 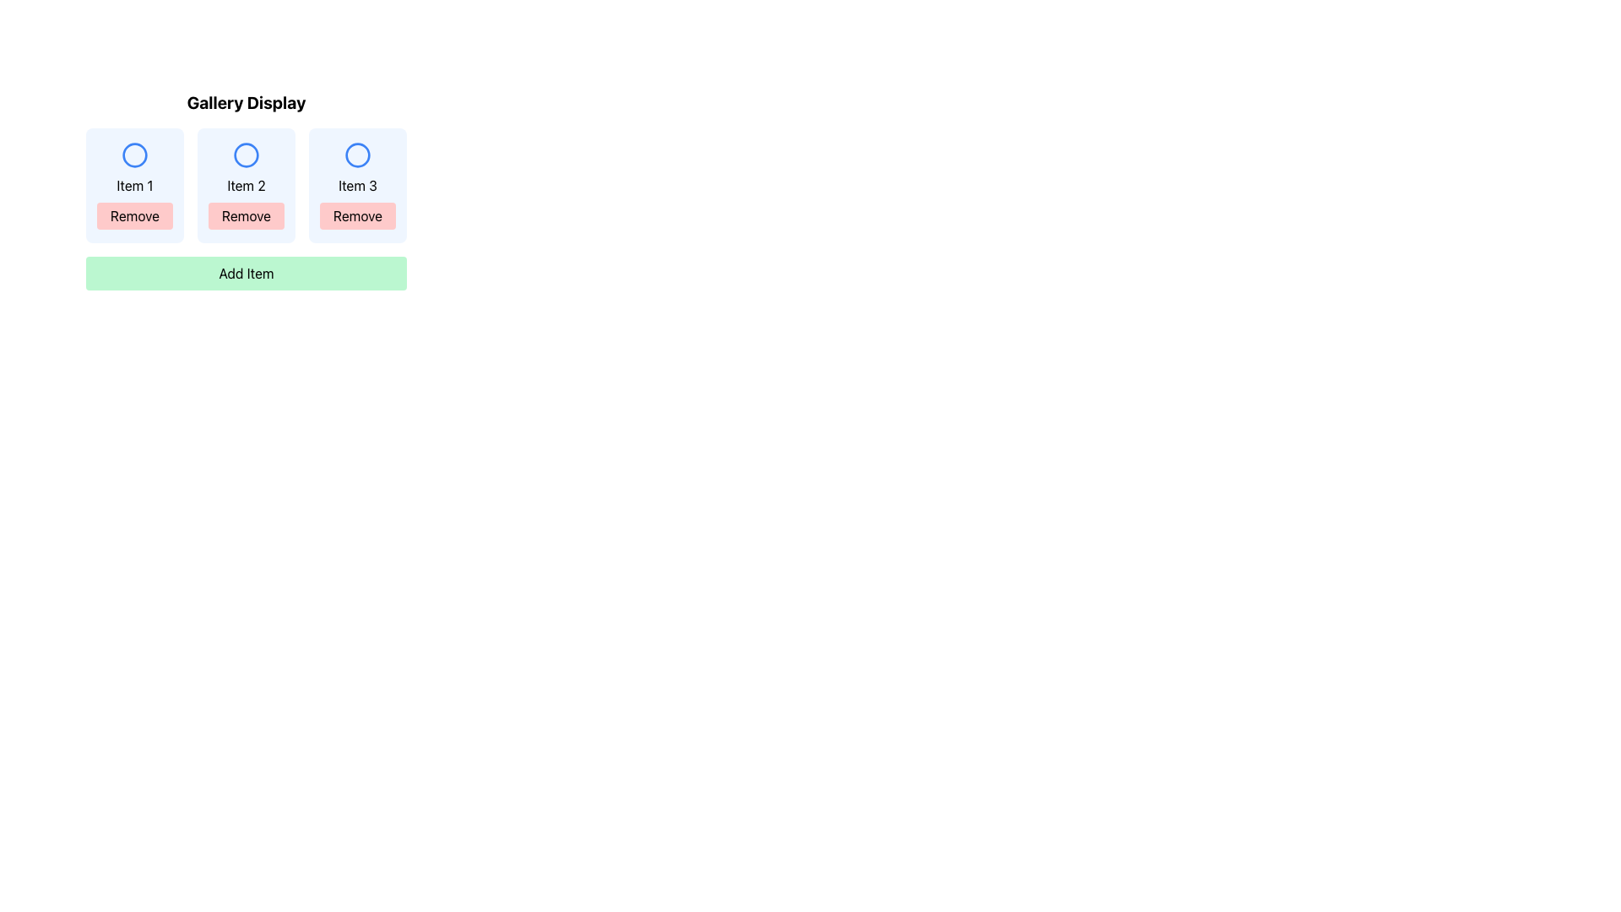 I want to click on the delete button located in the bottom section of the third card from the left, so click(x=356, y=214).